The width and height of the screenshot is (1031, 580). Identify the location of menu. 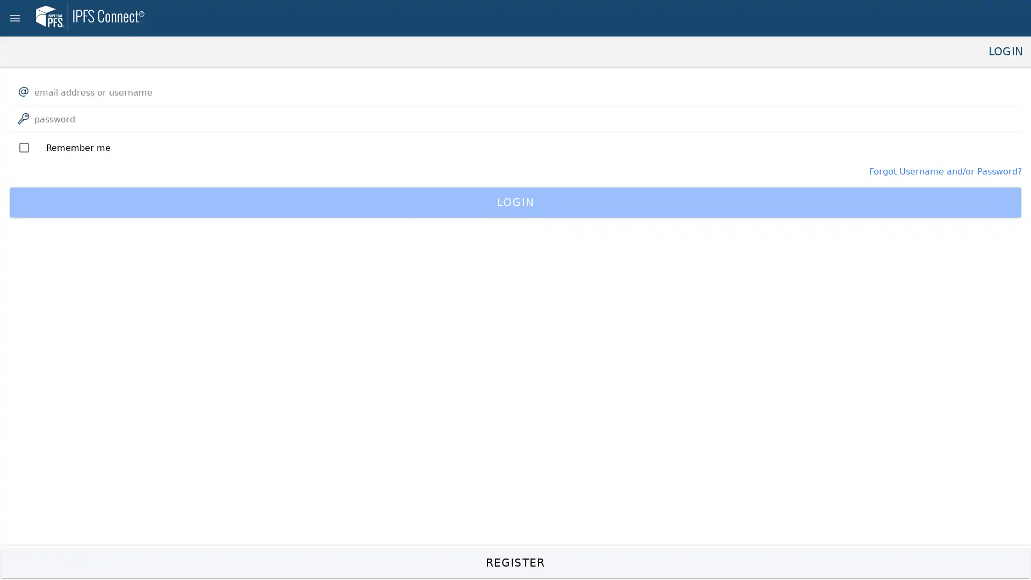
(15, 18).